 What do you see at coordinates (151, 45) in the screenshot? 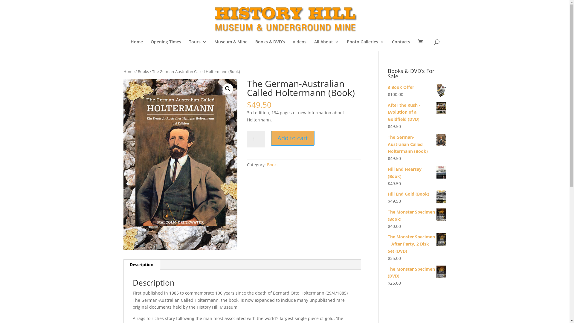
I see `'Opening Times'` at bounding box center [151, 45].